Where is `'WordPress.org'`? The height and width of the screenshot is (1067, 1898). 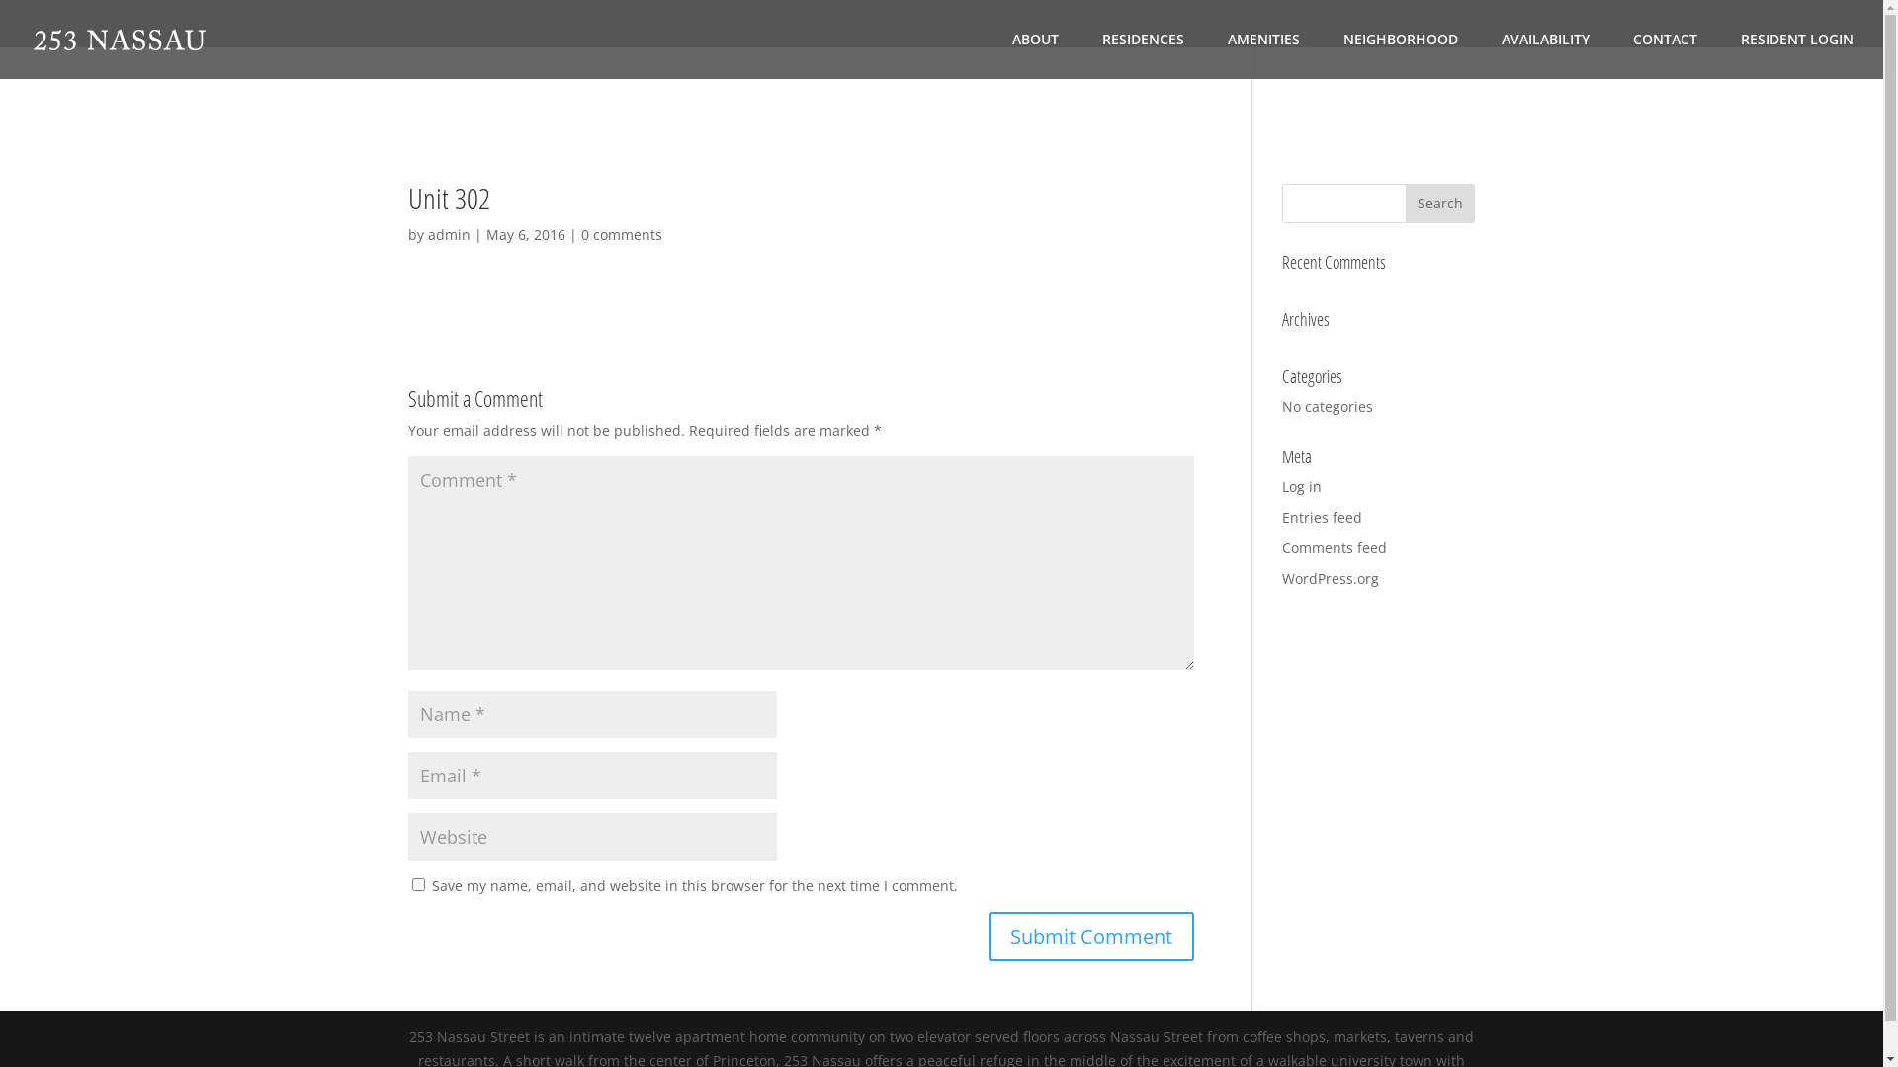
'WordPress.org' is located at coordinates (1281, 578).